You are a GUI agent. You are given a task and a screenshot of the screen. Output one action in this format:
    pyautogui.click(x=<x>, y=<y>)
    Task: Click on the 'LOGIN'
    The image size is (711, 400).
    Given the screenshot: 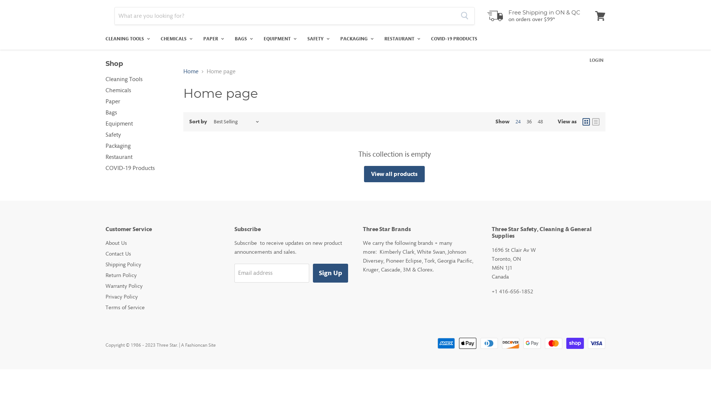 What is the action you would take?
    pyautogui.click(x=584, y=60)
    